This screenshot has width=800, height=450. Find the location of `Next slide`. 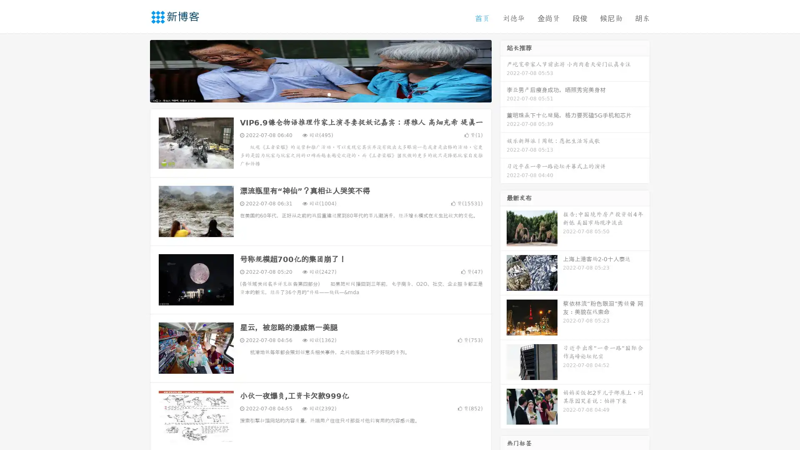

Next slide is located at coordinates (503, 70).